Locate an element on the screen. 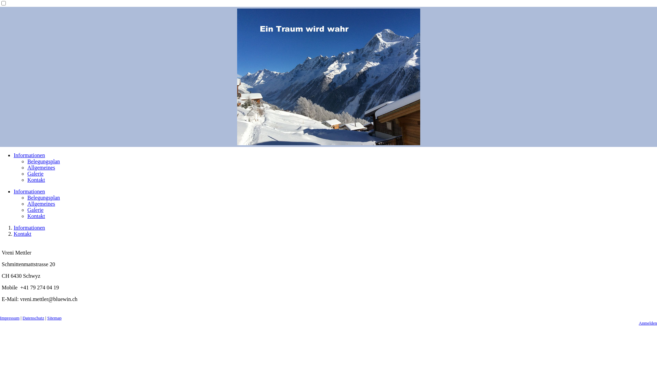  'Datenschutz' is located at coordinates (33, 318).